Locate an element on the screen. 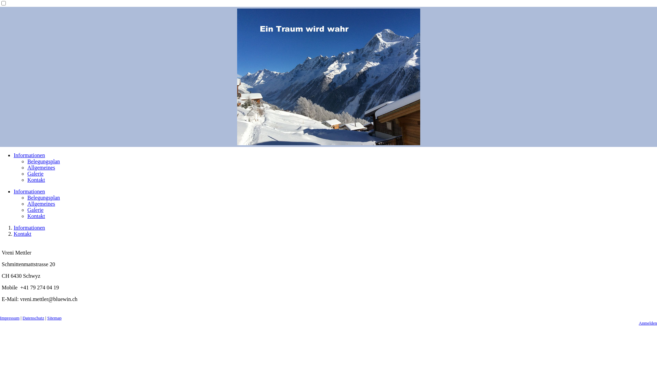  'Datenschutz' is located at coordinates (33, 318).